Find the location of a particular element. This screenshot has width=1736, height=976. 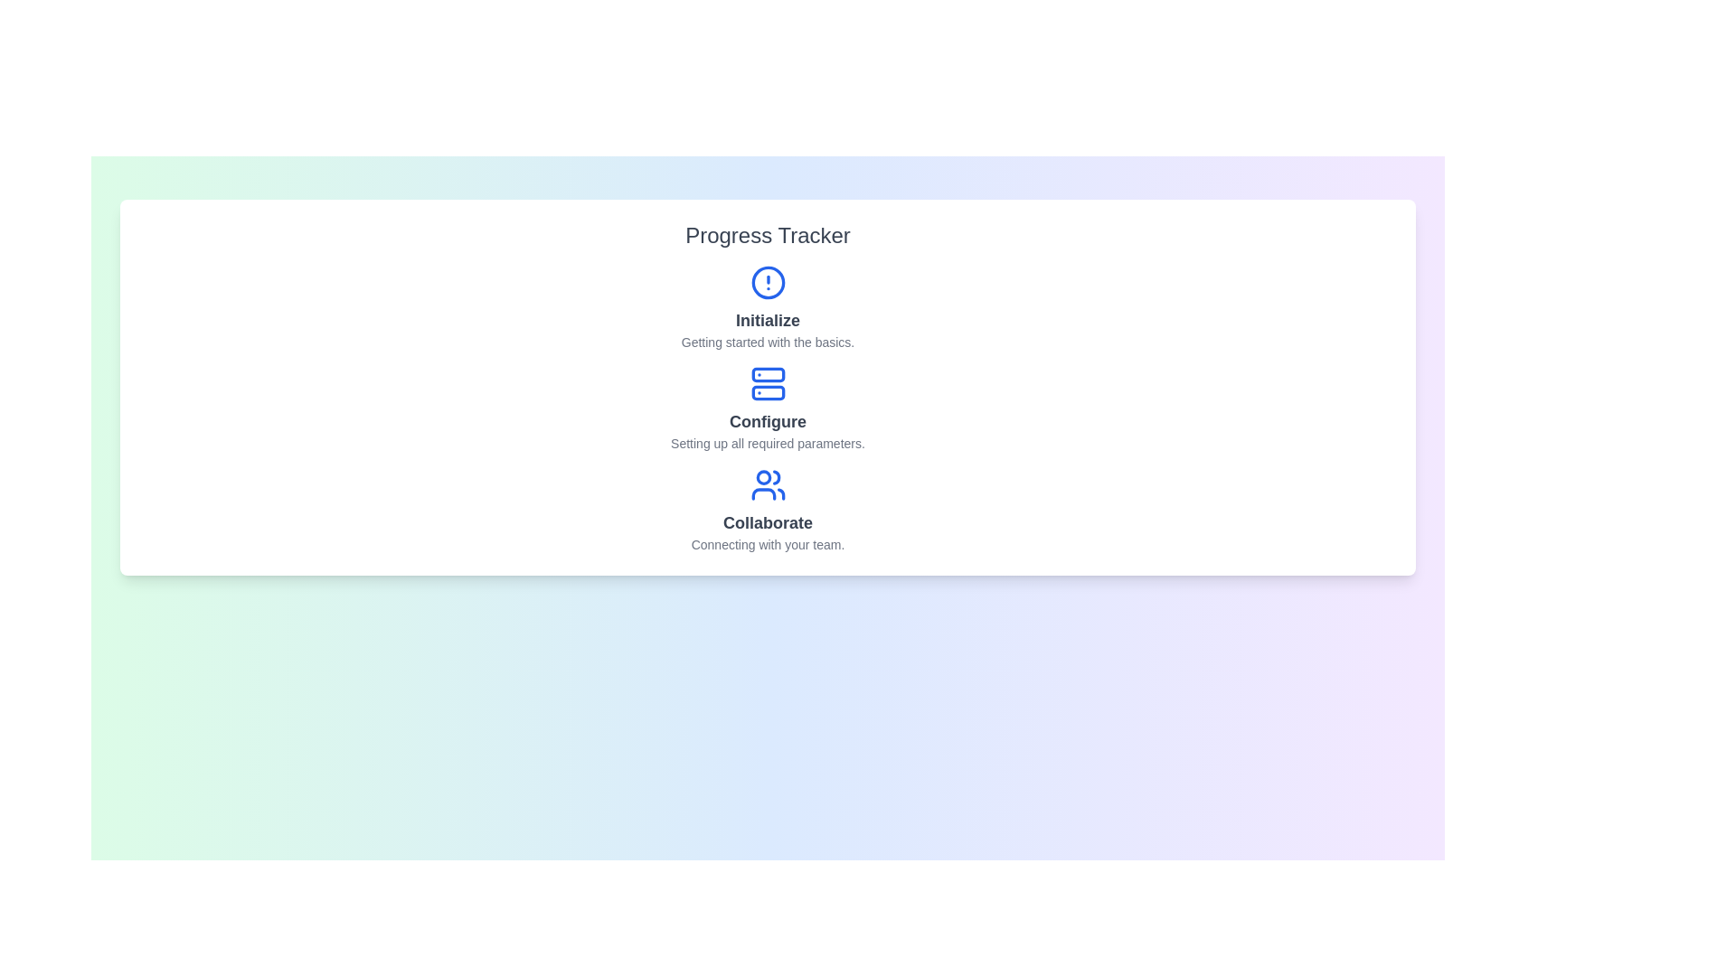

the icon for Collaborate to reveal more information is located at coordinates (768, 483).